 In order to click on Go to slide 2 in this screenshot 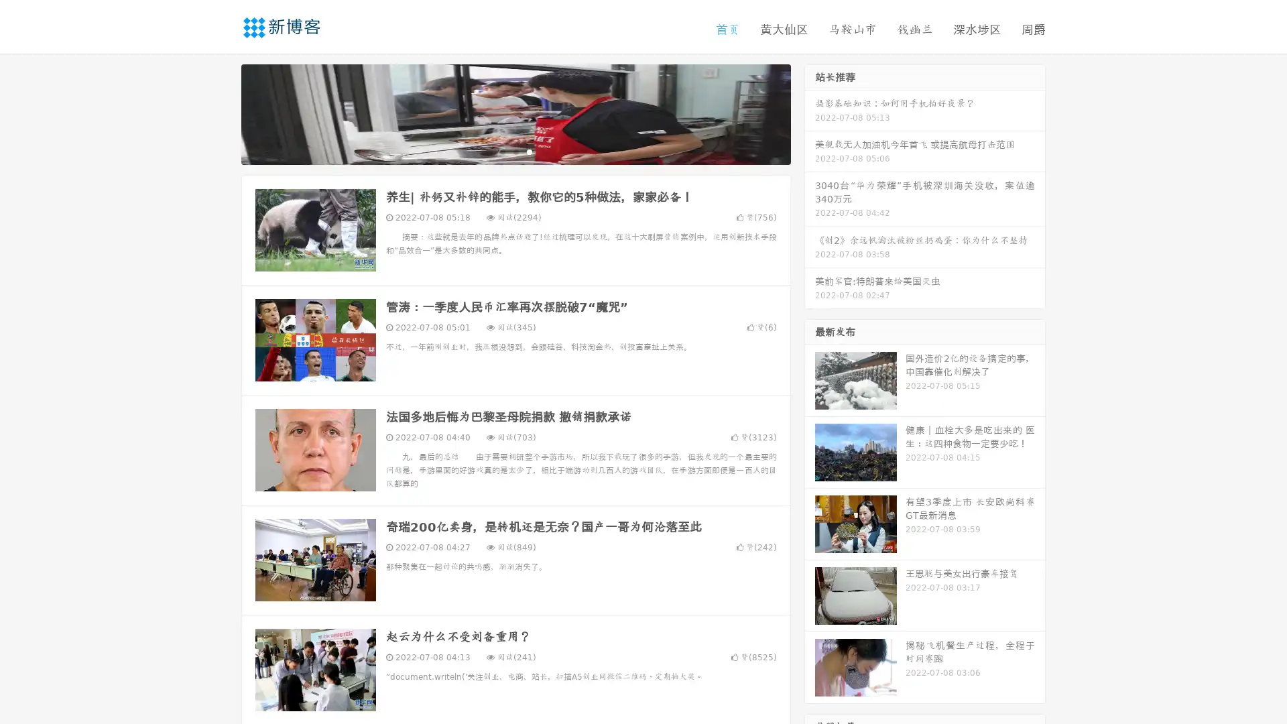, I will do `click(515, 151)`.